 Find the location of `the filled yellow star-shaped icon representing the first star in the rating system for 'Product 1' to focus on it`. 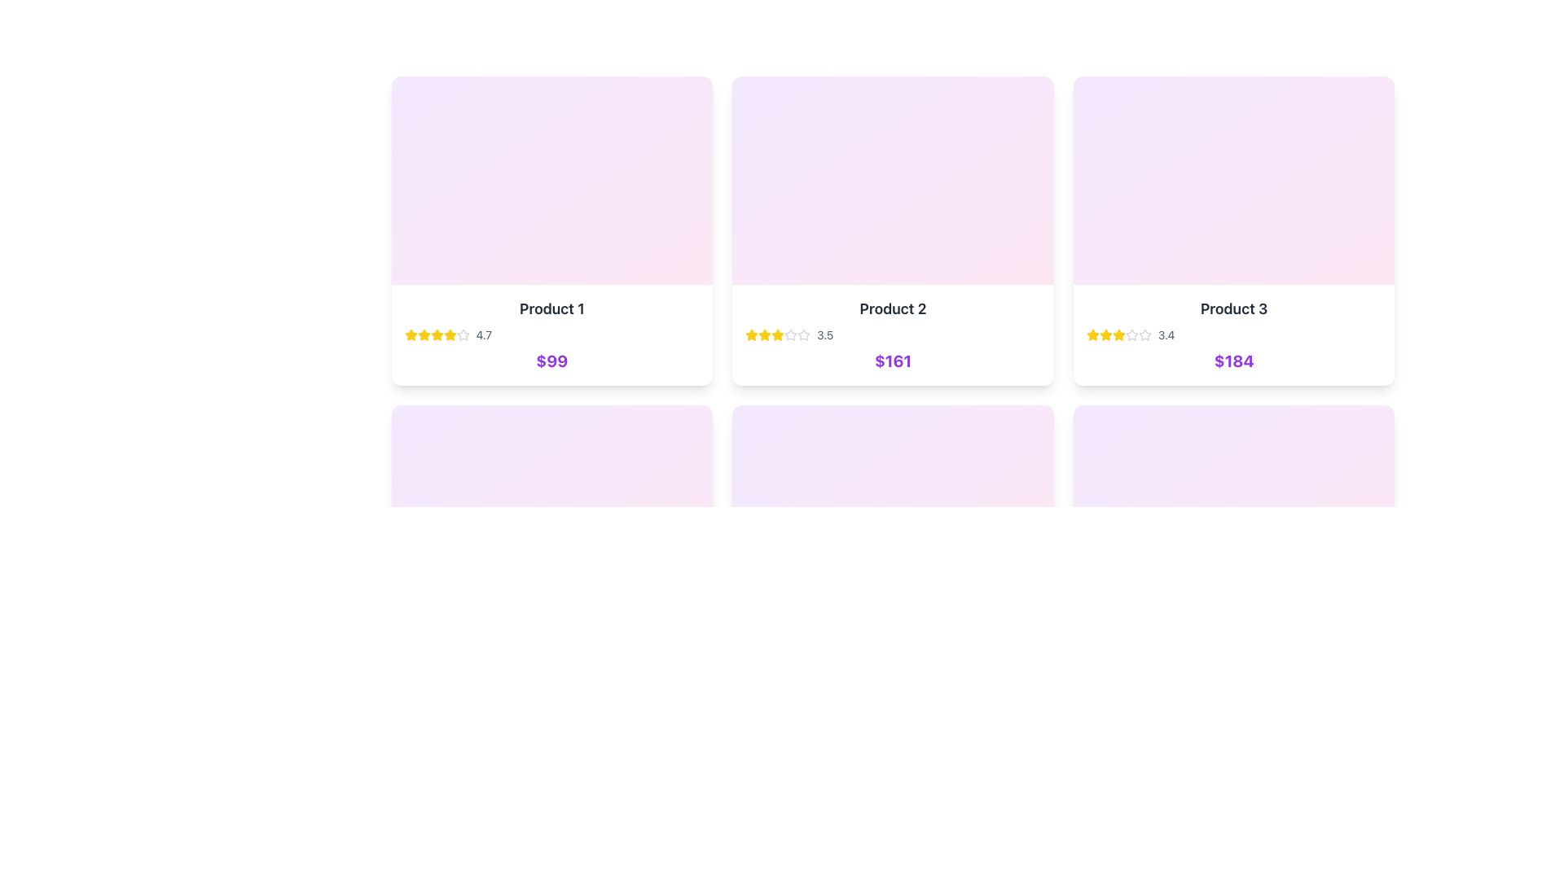

the filled yellow star-shaped icon representing the first star in the rating system for 'Product 1' to focus on it is located at coordinates (424, 334).